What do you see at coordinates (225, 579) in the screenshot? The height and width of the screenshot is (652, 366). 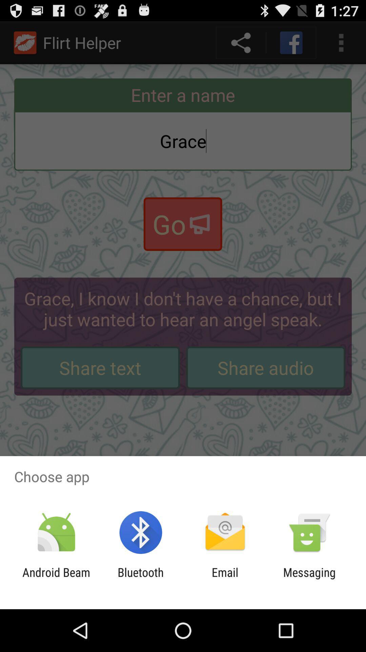 I see `item to the left of messaging item` at bounding box center [225, 579].